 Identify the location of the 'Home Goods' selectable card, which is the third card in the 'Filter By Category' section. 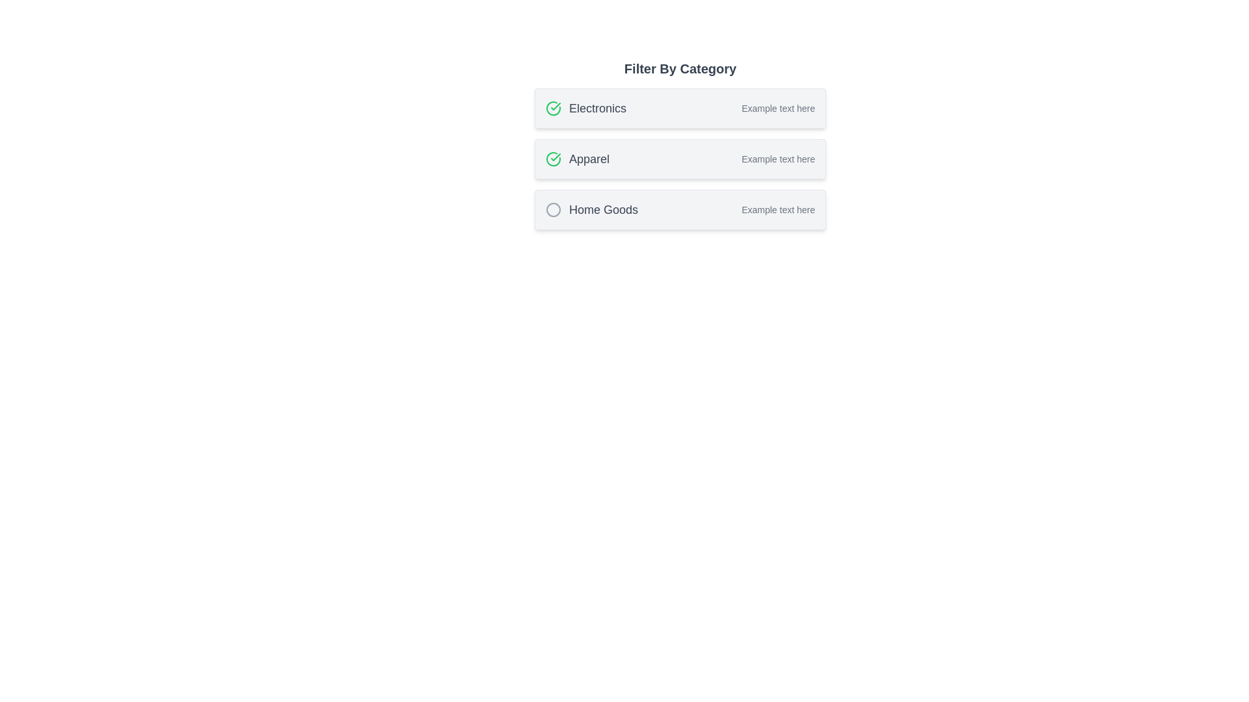
(680, 209).